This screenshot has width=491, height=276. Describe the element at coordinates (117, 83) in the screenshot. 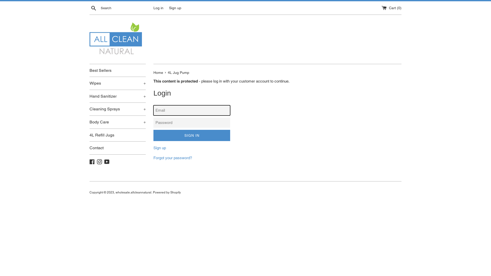

I see `'Wipes` at that location.